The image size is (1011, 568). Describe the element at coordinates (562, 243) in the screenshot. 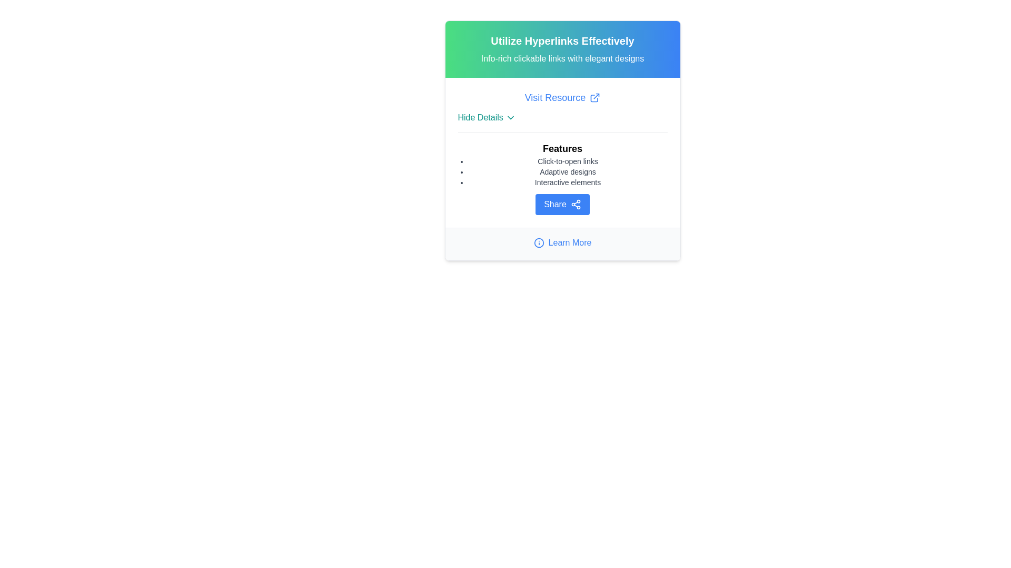

I see `the 'Learn More' hyperlink with an inline information icon located in the bottom section of a panel` at that location.